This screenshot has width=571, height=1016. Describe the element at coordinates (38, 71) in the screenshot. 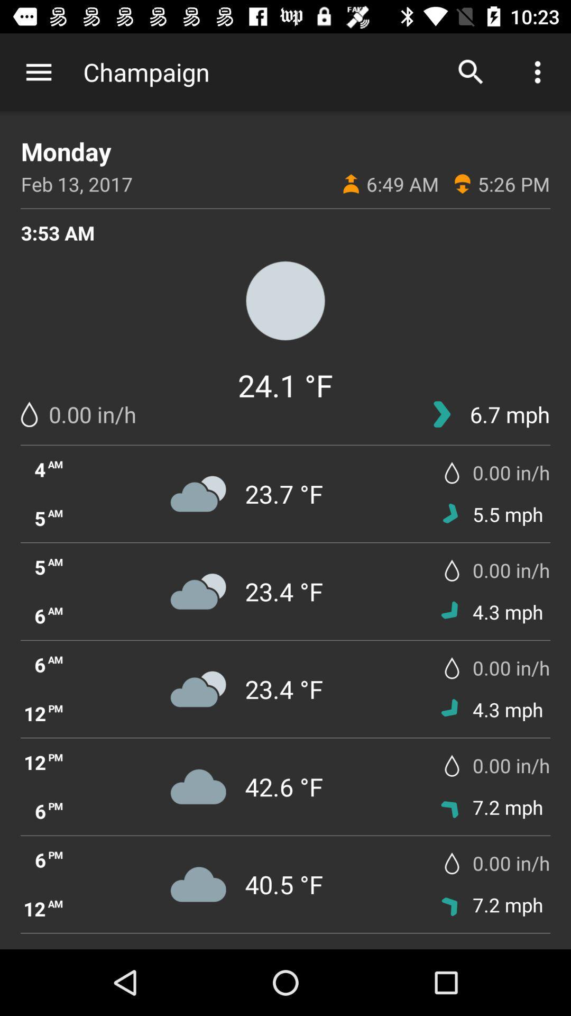

I see `the app next to champaign` at that location.